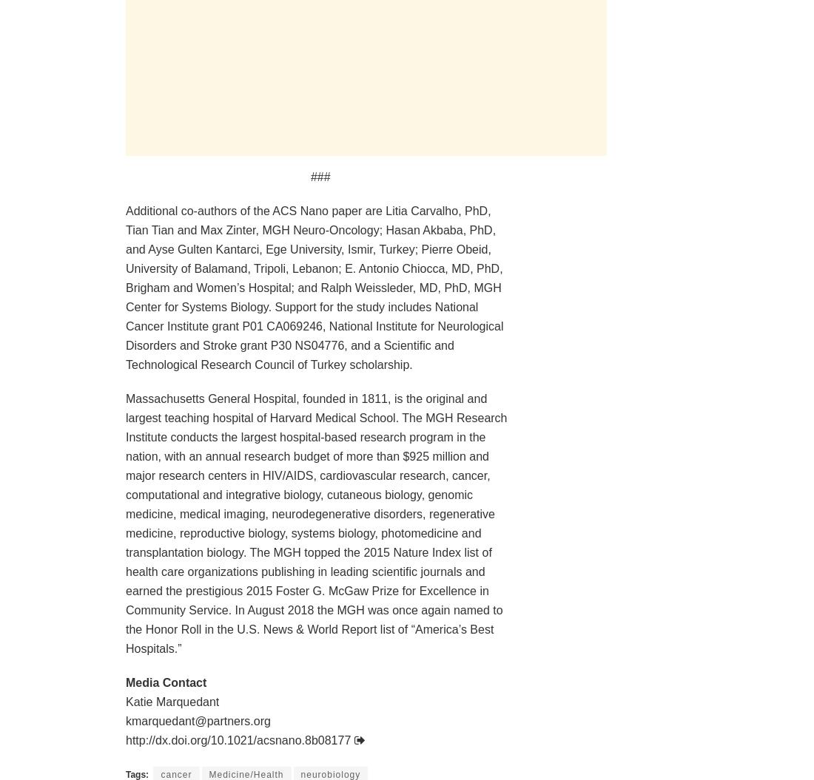 Image resolution: width=814 pixels, height=780 pixels. Describe the element at coordinates (200, 739) in the screenshot. I see `'org/'` at that location.